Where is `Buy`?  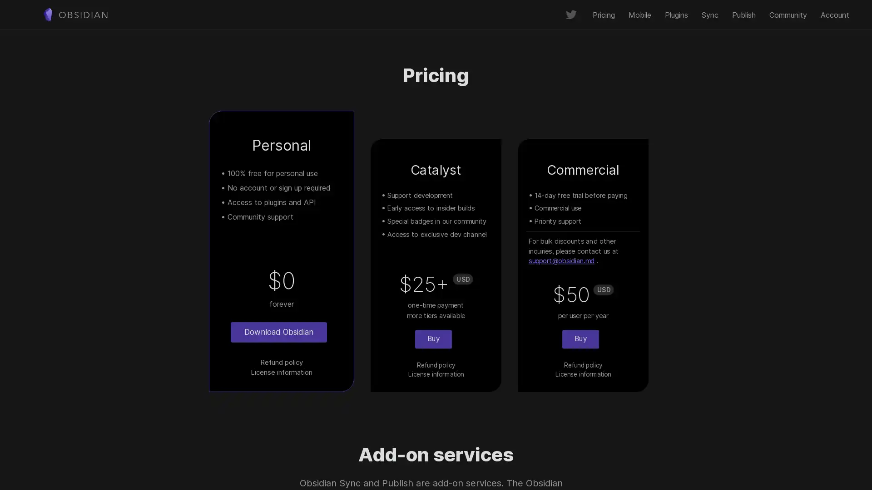
Buy is located at coordinates (580, 339).